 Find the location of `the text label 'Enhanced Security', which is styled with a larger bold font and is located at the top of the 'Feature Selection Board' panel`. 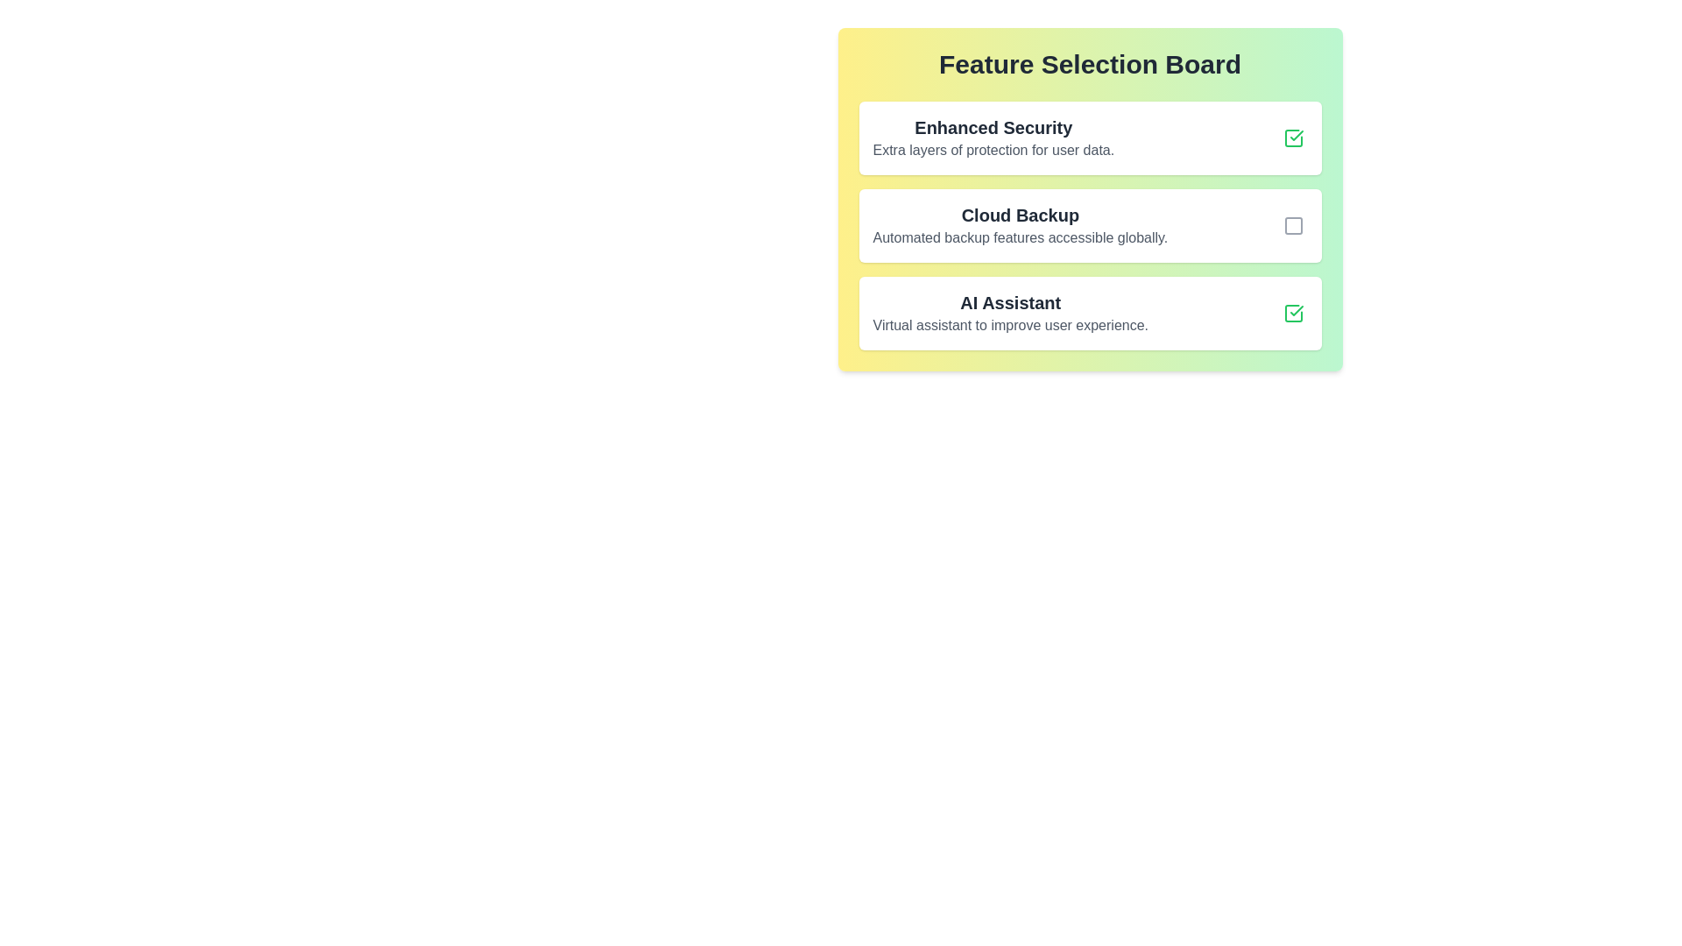

the text label 'Enhanced Security', which is styled with a larger bold font and is located at the top of the 'Feature Selection Board' panel is located at coordinates (993, 127).